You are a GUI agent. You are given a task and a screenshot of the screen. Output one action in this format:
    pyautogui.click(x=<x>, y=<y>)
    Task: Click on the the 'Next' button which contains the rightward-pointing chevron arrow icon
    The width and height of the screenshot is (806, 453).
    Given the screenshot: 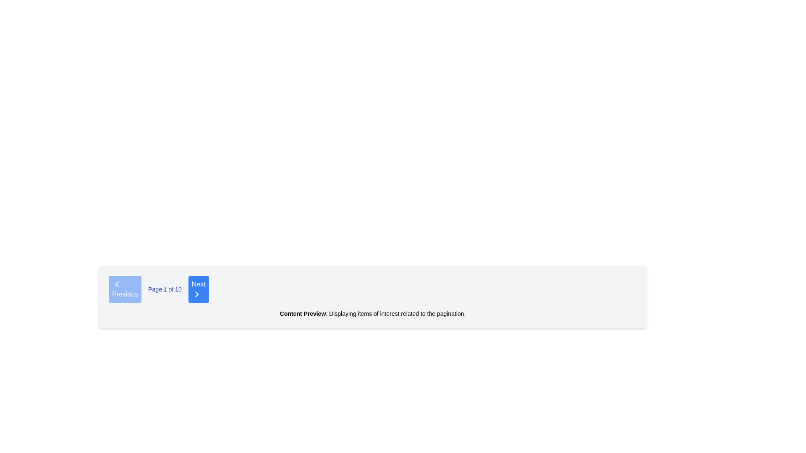 What is the action you would take?
    pyautogui.click(x=196, y=294)
    